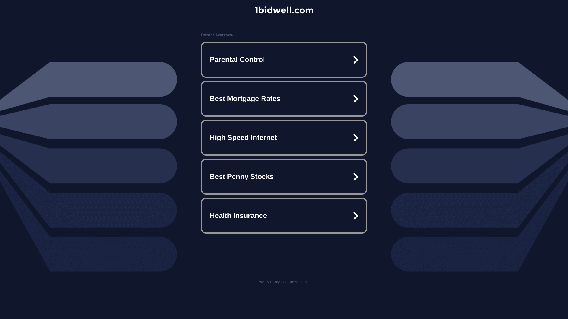  I want to click on 'High Speed Internet', so click(284, 138).